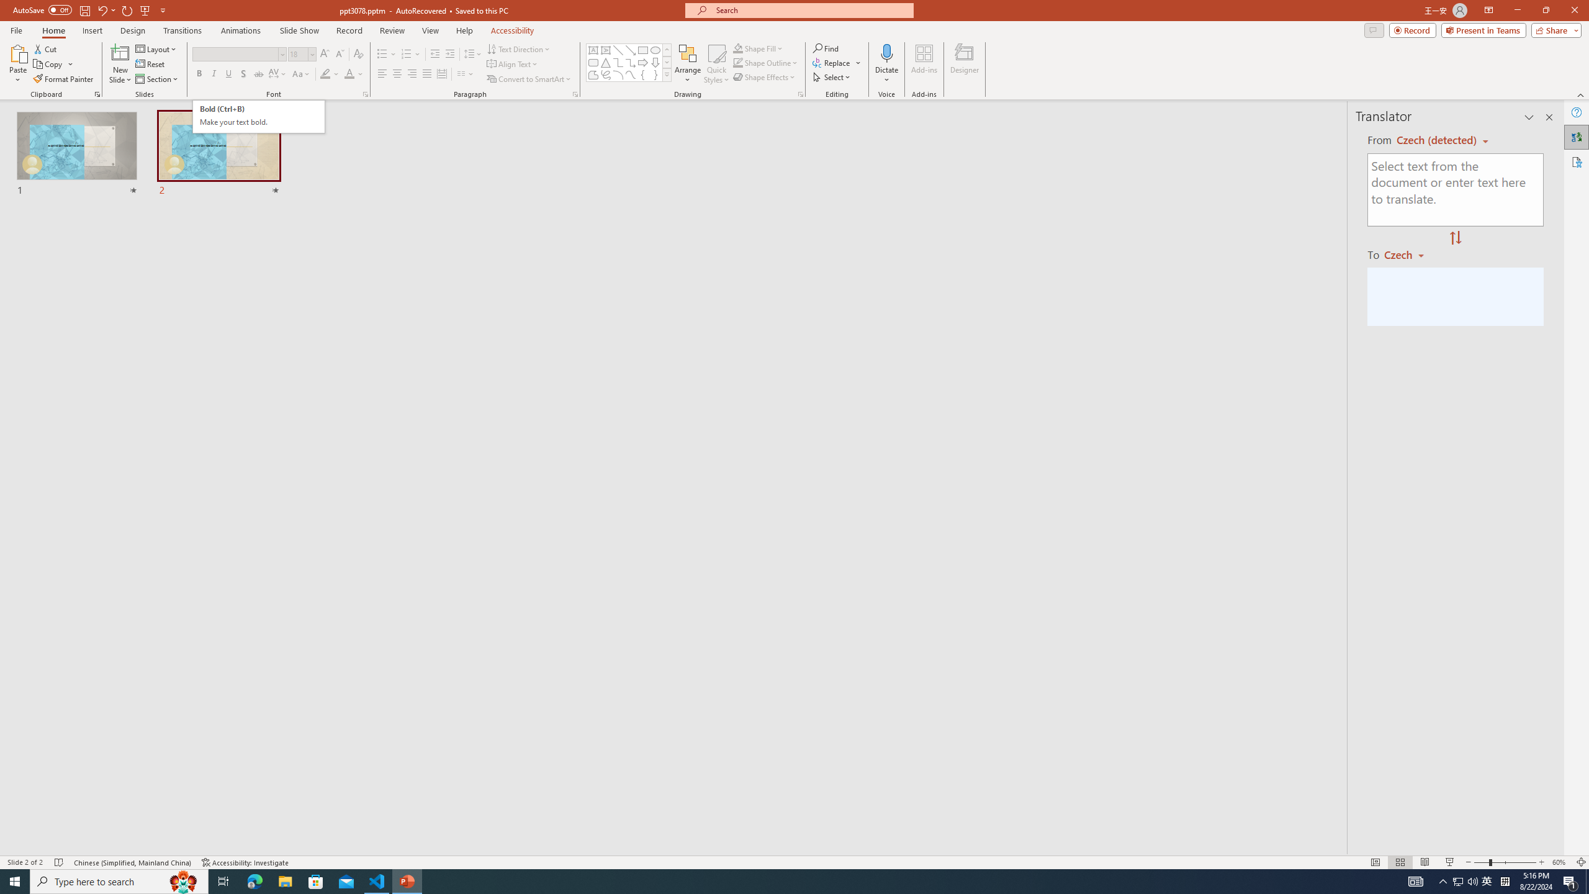  Describe the element at coordinates (605, 74) in the screenshot. I see `'Freeform: Scribble'` at that location.